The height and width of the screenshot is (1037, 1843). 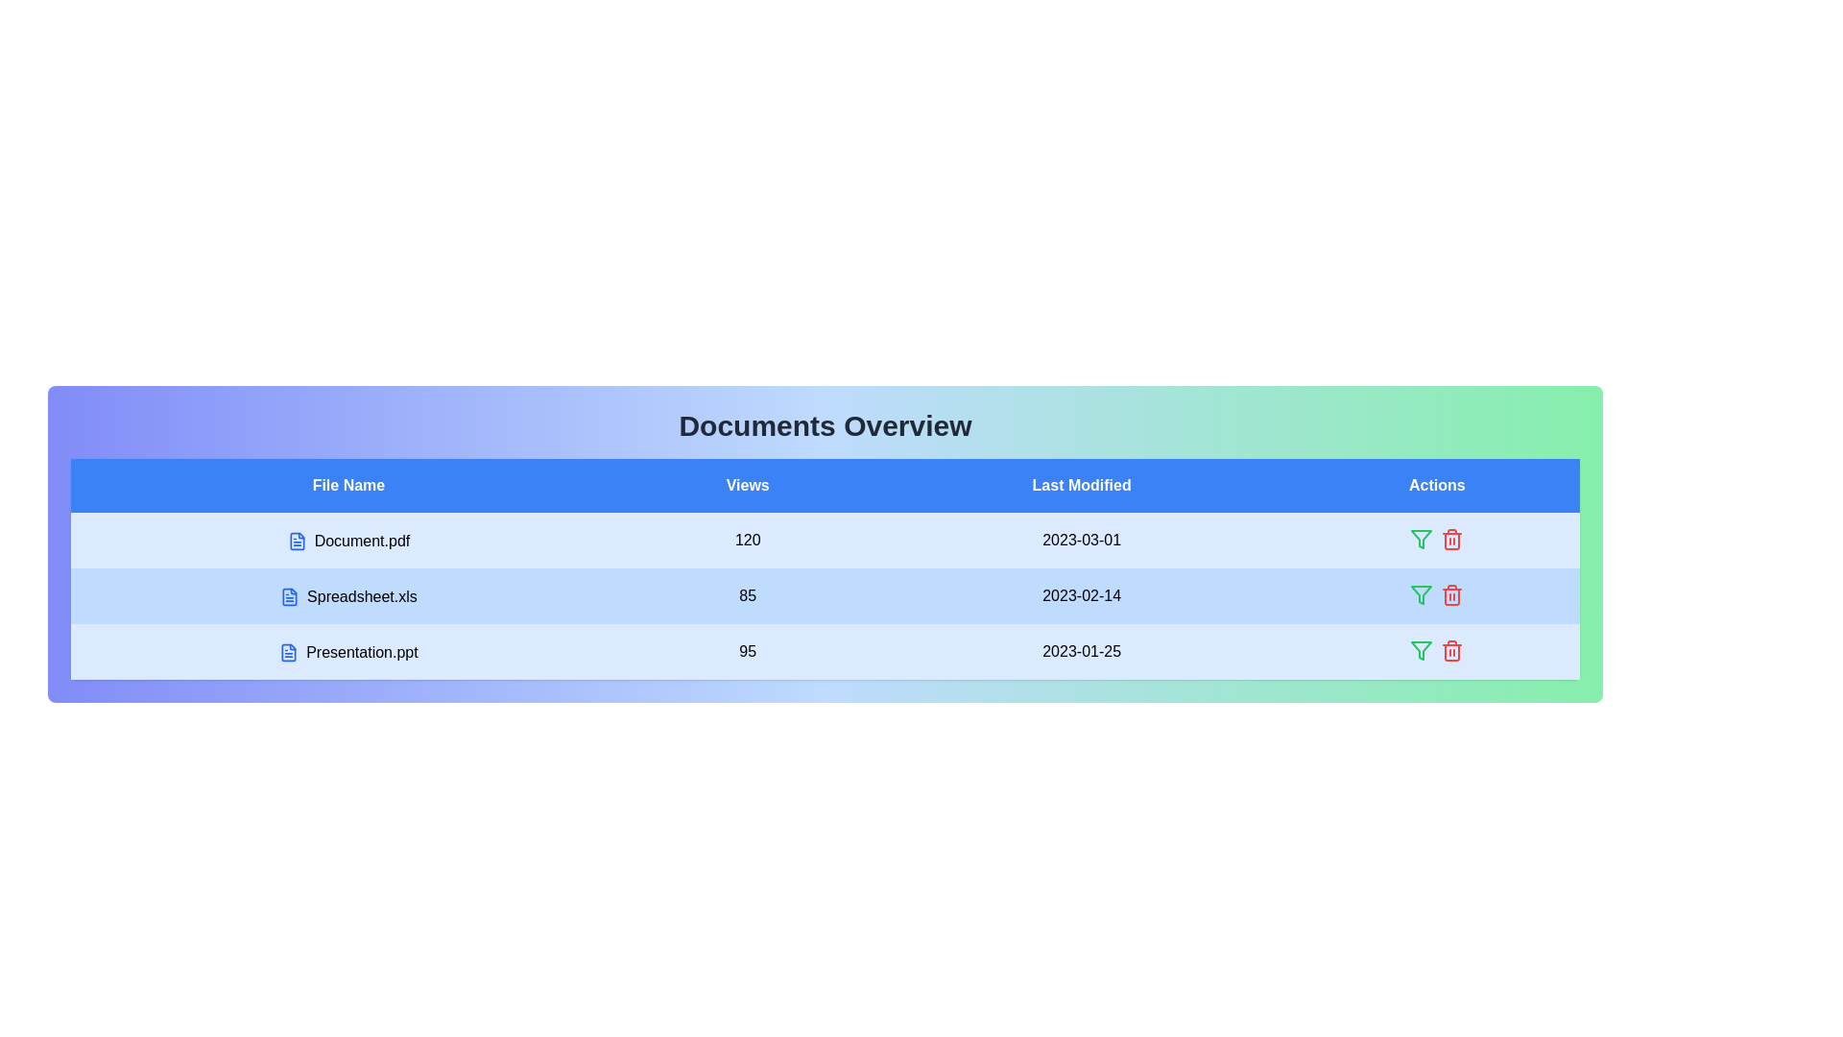 I want to click on the action icon filter for the row corresponding to Presentation.ppt, so click(x=1422, y=650).